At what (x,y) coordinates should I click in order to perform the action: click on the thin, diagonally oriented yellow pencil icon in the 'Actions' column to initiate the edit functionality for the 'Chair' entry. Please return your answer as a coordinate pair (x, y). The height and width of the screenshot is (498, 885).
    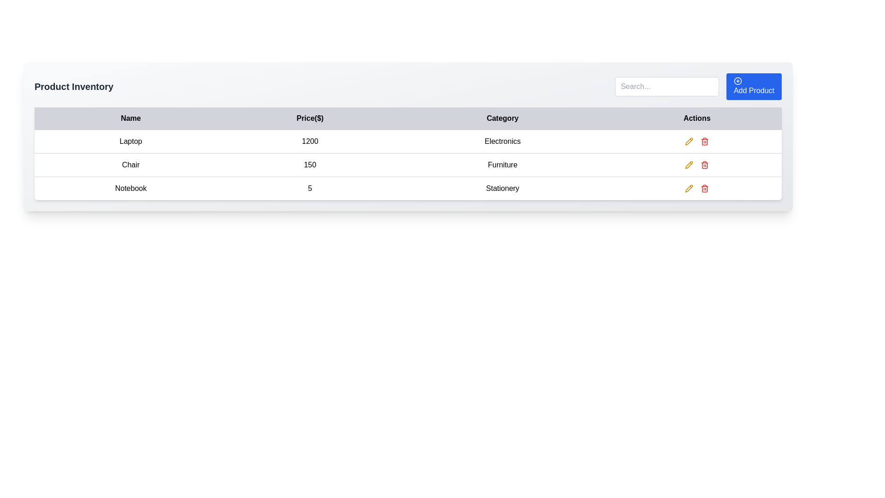
    Looking at the image, I should click on (689, 141).